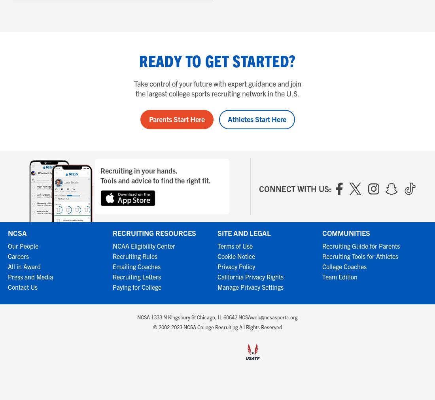 This screenshot has width=435, height=400. Describe the element at coordinates (8, 287) in the screenshot. I see `'Contact Us'` at that location.